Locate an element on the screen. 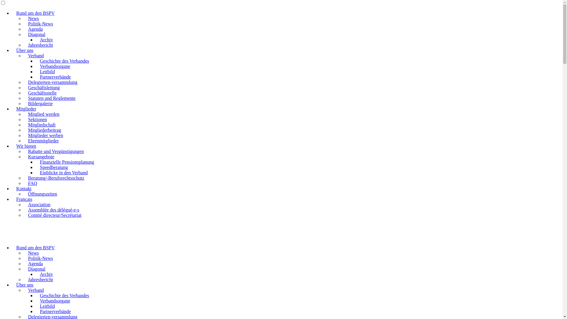  'Archiv' is located at coordinates (46, 274).